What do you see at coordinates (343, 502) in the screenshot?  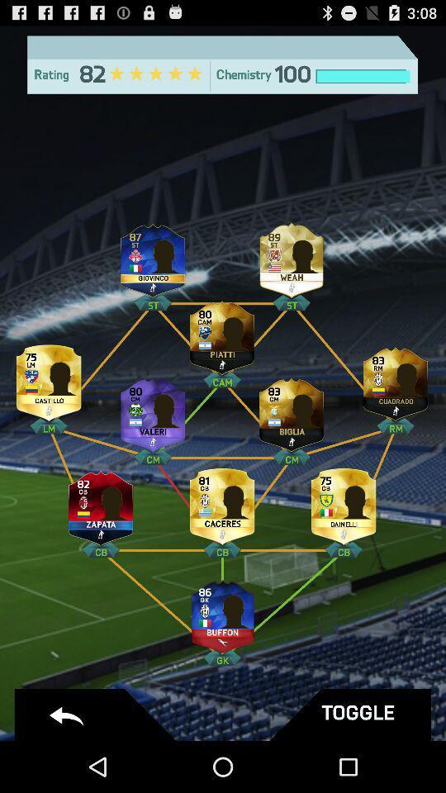 I see `click for more info` at bounding box center [343, 502].